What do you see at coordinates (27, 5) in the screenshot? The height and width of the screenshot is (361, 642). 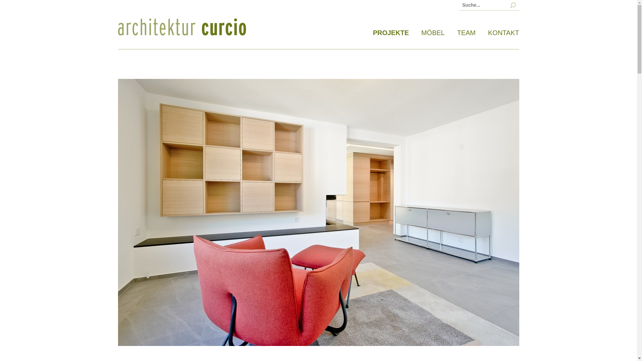 I see `'Suche'` at bounding box center [27, 5].